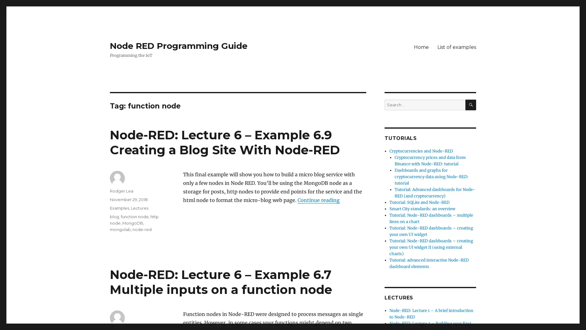  What do you see at coordinates (470, 105) in the screenshot?
I see `SEARCH` at bounding box center [470, 105].